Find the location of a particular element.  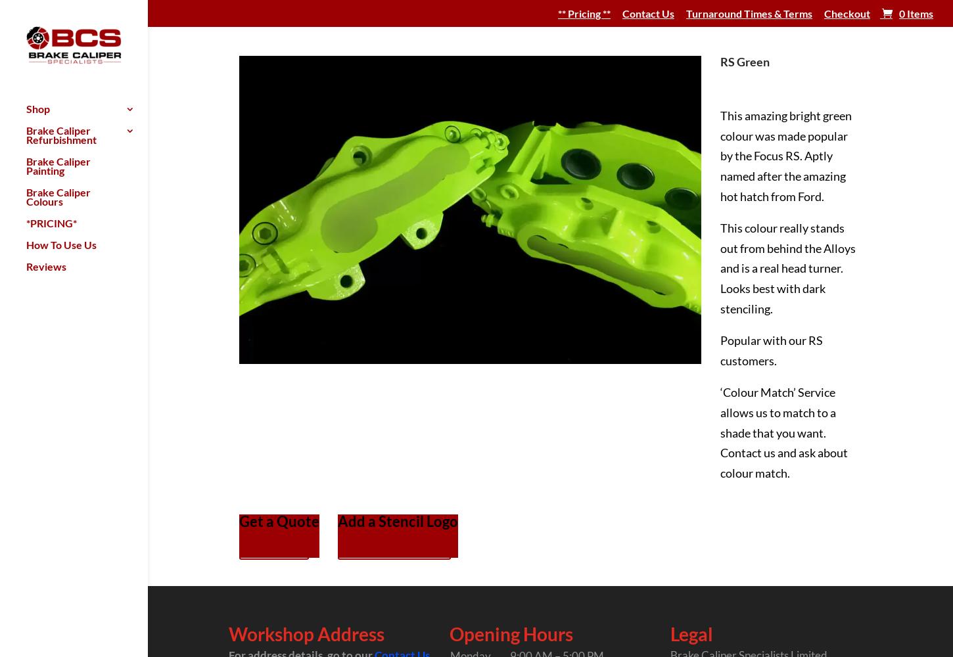

'Brake Caliper Decals' is located at coordinates (225, 134).